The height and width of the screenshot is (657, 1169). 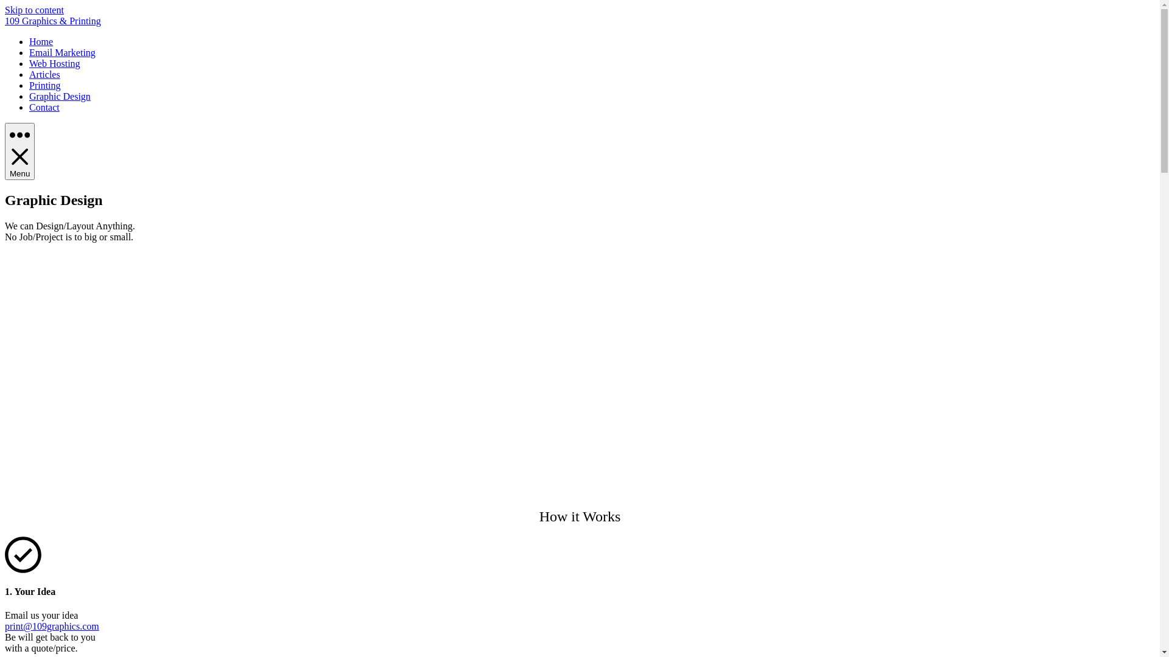 I want to click on 'Home', so click(x=29, y=41).